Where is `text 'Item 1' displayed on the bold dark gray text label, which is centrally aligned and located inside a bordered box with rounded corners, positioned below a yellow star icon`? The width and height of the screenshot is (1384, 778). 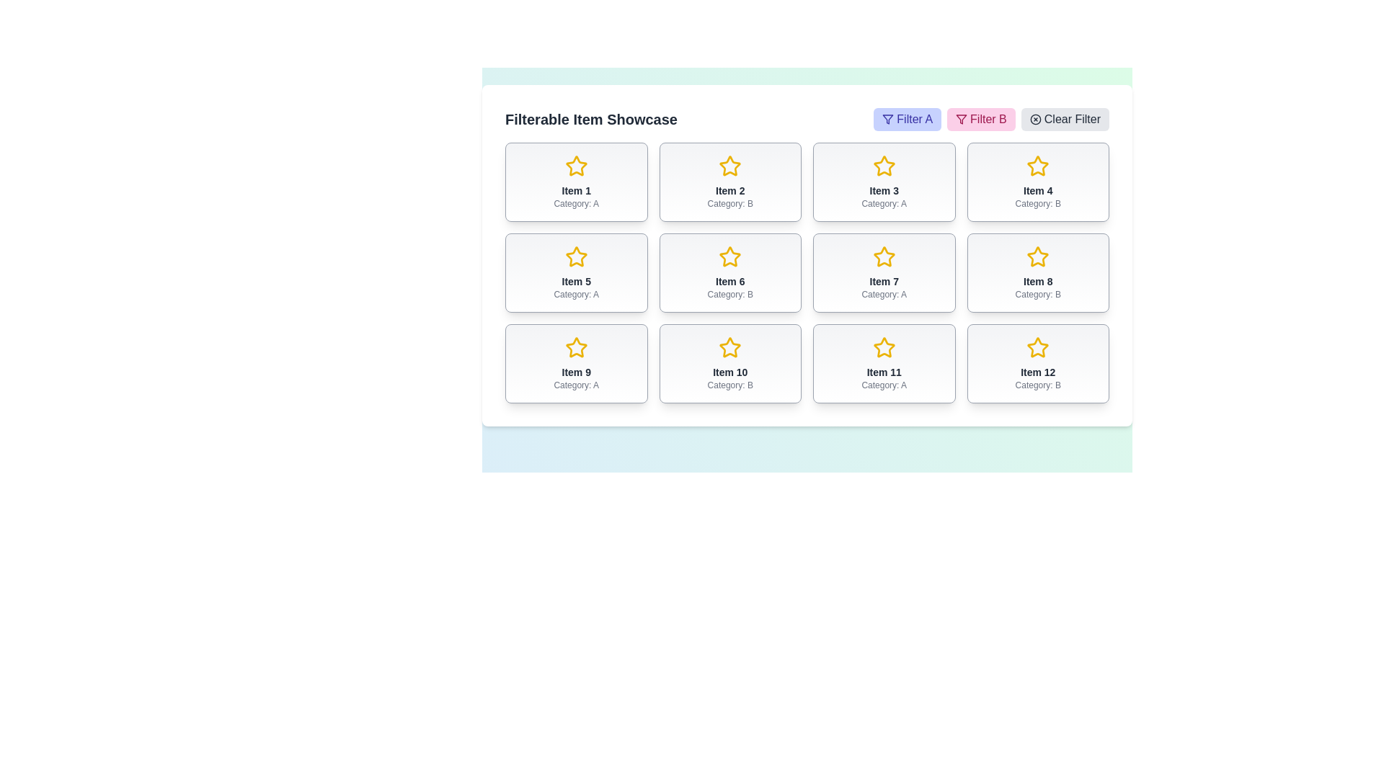 text 'Item 1' displayed on the bold dark gray text label, which is centrally aligned and located inside a bordered box with rounded corners, positioned below a yellow star icon is located at coordinates (575, 190).